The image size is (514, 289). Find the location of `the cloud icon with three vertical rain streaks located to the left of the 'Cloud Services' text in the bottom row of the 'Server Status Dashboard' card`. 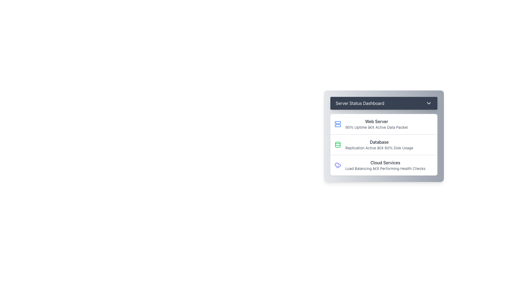

the cloud icon with three vertical rain streaks located to the left of the 'Cloud Services' text in the bottom row of the 'Server Status Dashboard' card is located at coordinates (338, 165).